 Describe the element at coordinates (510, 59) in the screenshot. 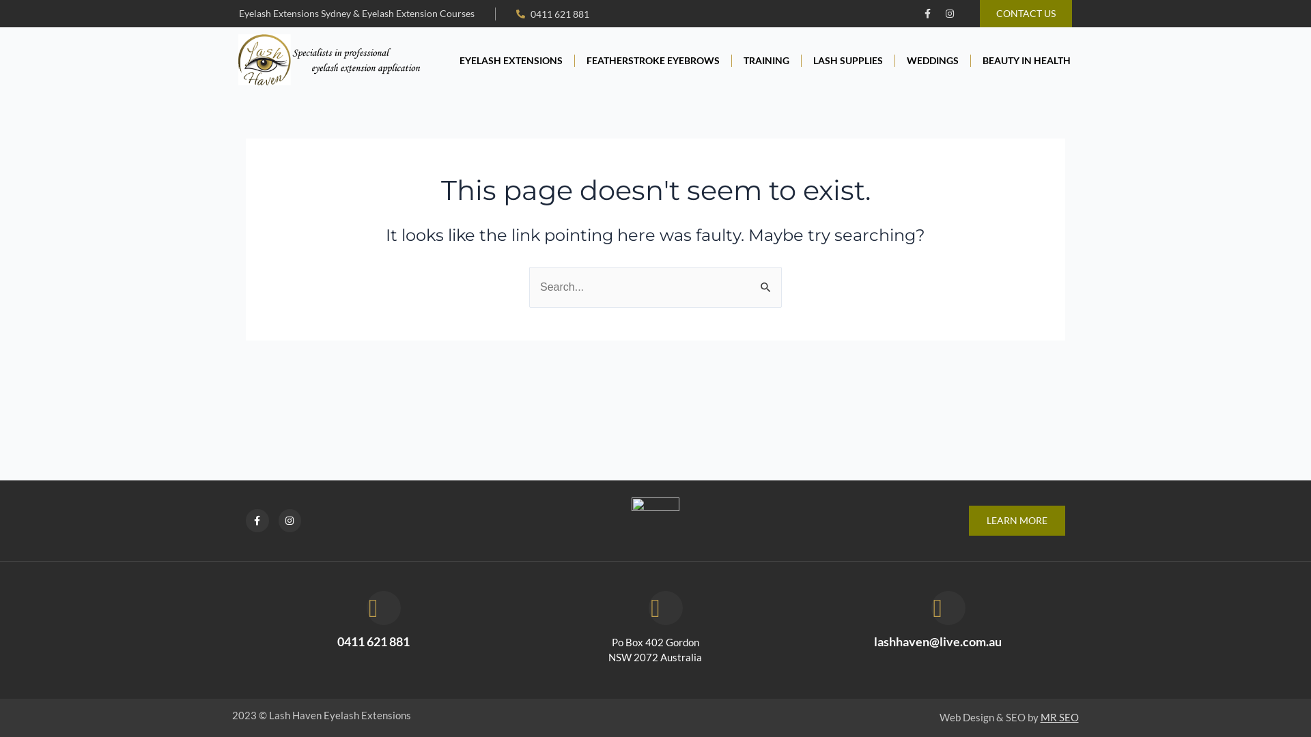

I see `'EYELASH EXTENSIONS'` at that location.